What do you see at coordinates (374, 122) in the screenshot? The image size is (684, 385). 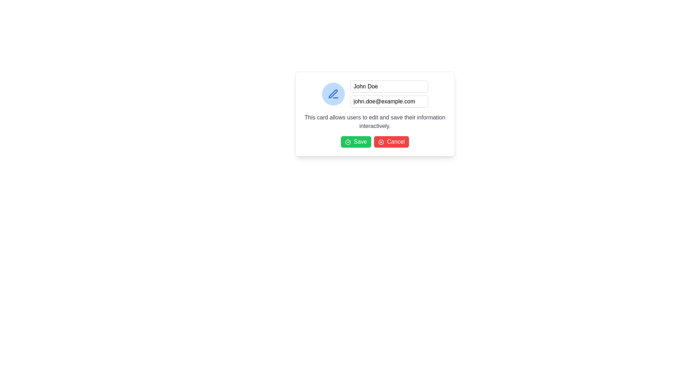 I see `the light gray text block that is positioned below two input fields and above the Save and Cancel buttons in the card layout center` at bounding box center [374, 122].